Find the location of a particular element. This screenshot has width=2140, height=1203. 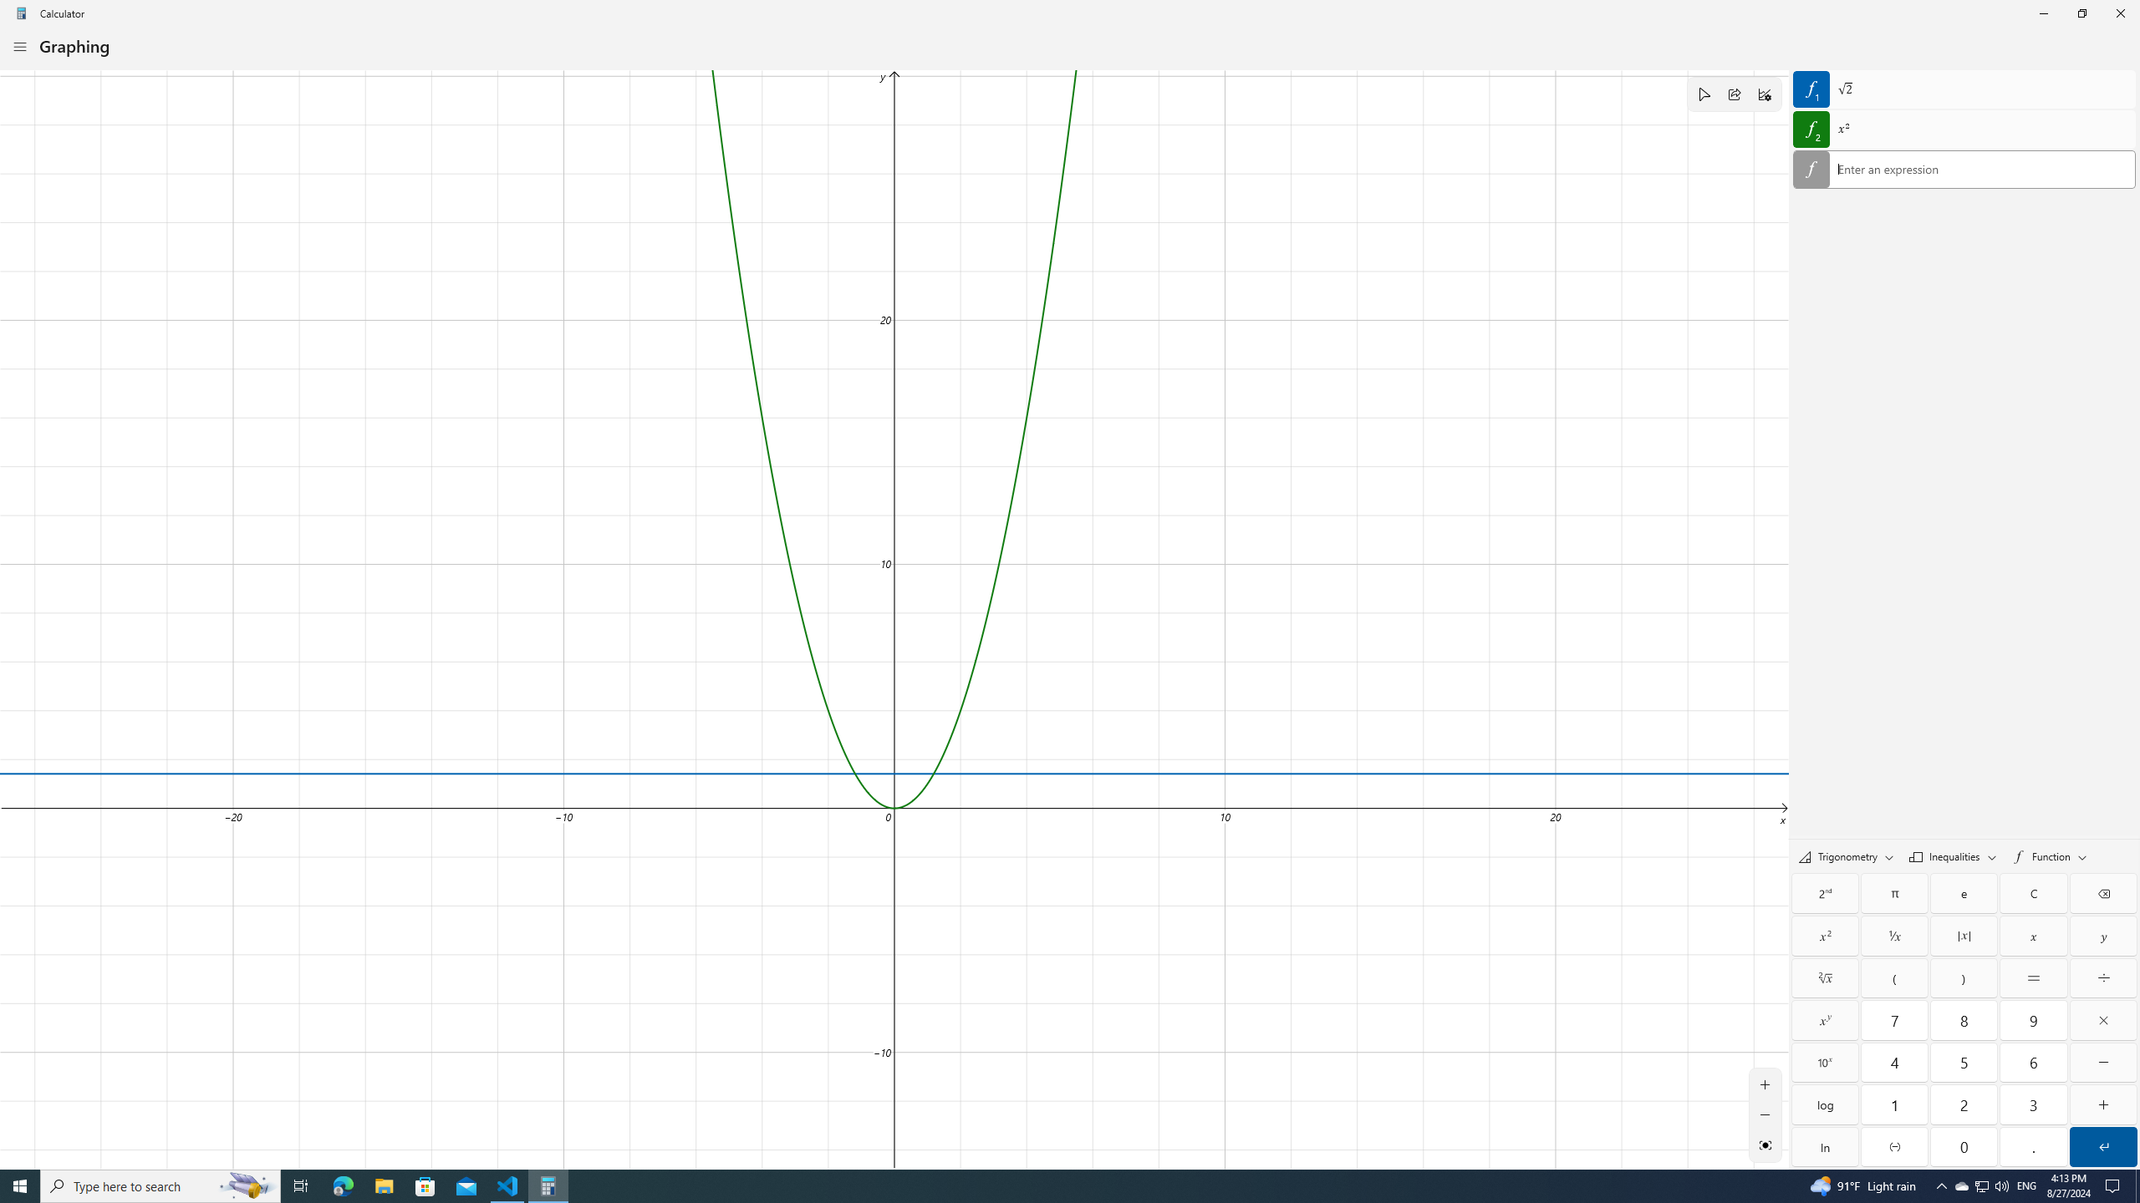

'Functions' is located at coordinates (2049, 856).